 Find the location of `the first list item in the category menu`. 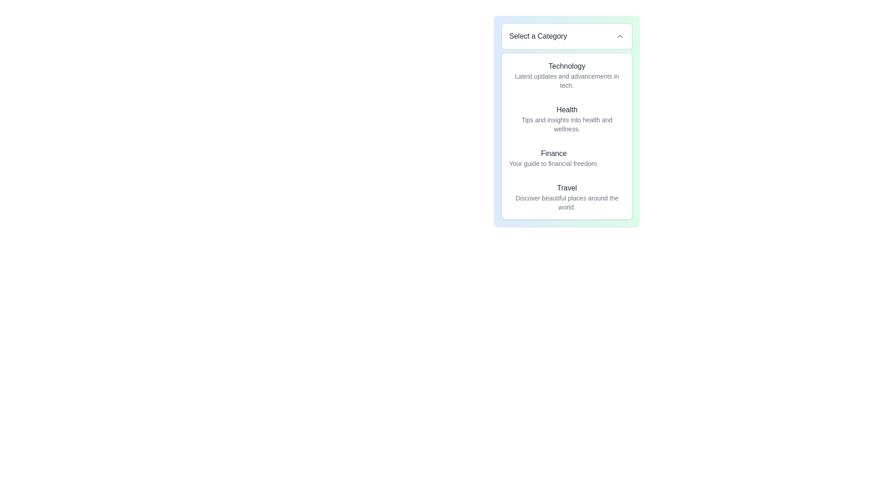

the first list item in the category menu is located at coordinates (567, 75).